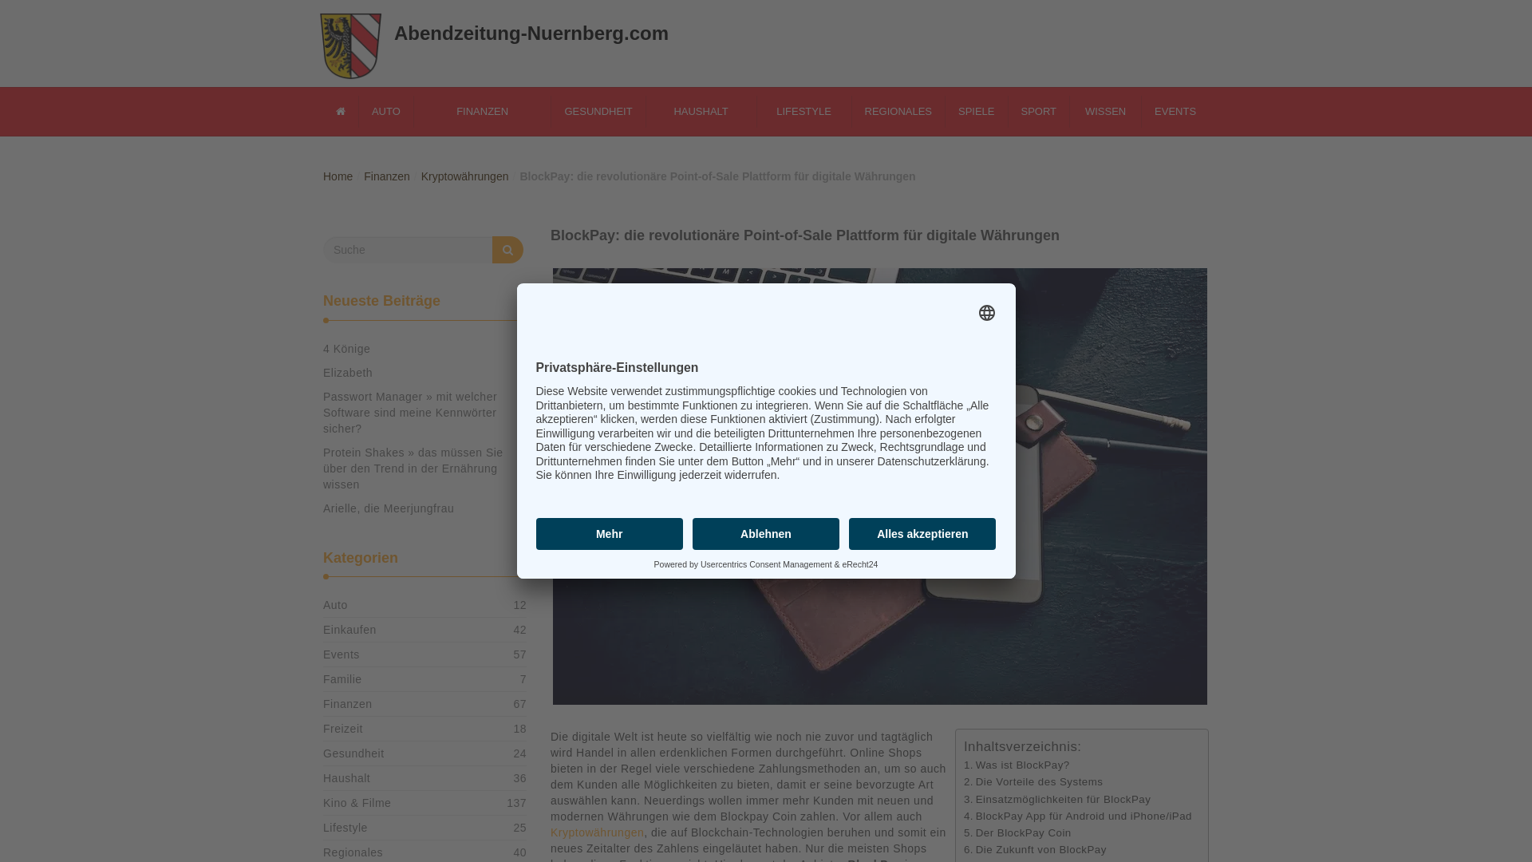 The image size is (1532, 862). I want to click on 'Arielle, die Meerjungfrau', so click(388, 508).